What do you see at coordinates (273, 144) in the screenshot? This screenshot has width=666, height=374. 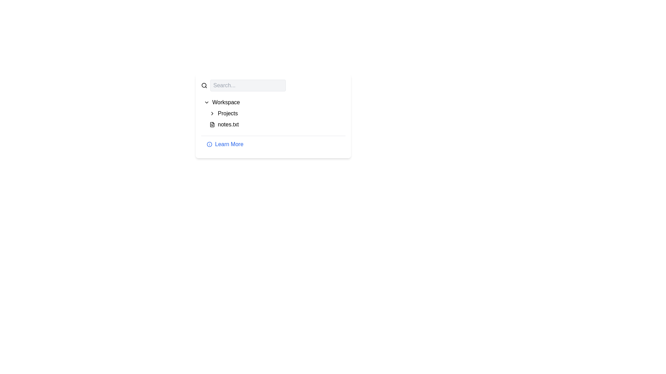 I see `the last button in the vertical list located below 'Workspace', 'Projects', and 'notes.txt'` at bounding box center [273, 144].